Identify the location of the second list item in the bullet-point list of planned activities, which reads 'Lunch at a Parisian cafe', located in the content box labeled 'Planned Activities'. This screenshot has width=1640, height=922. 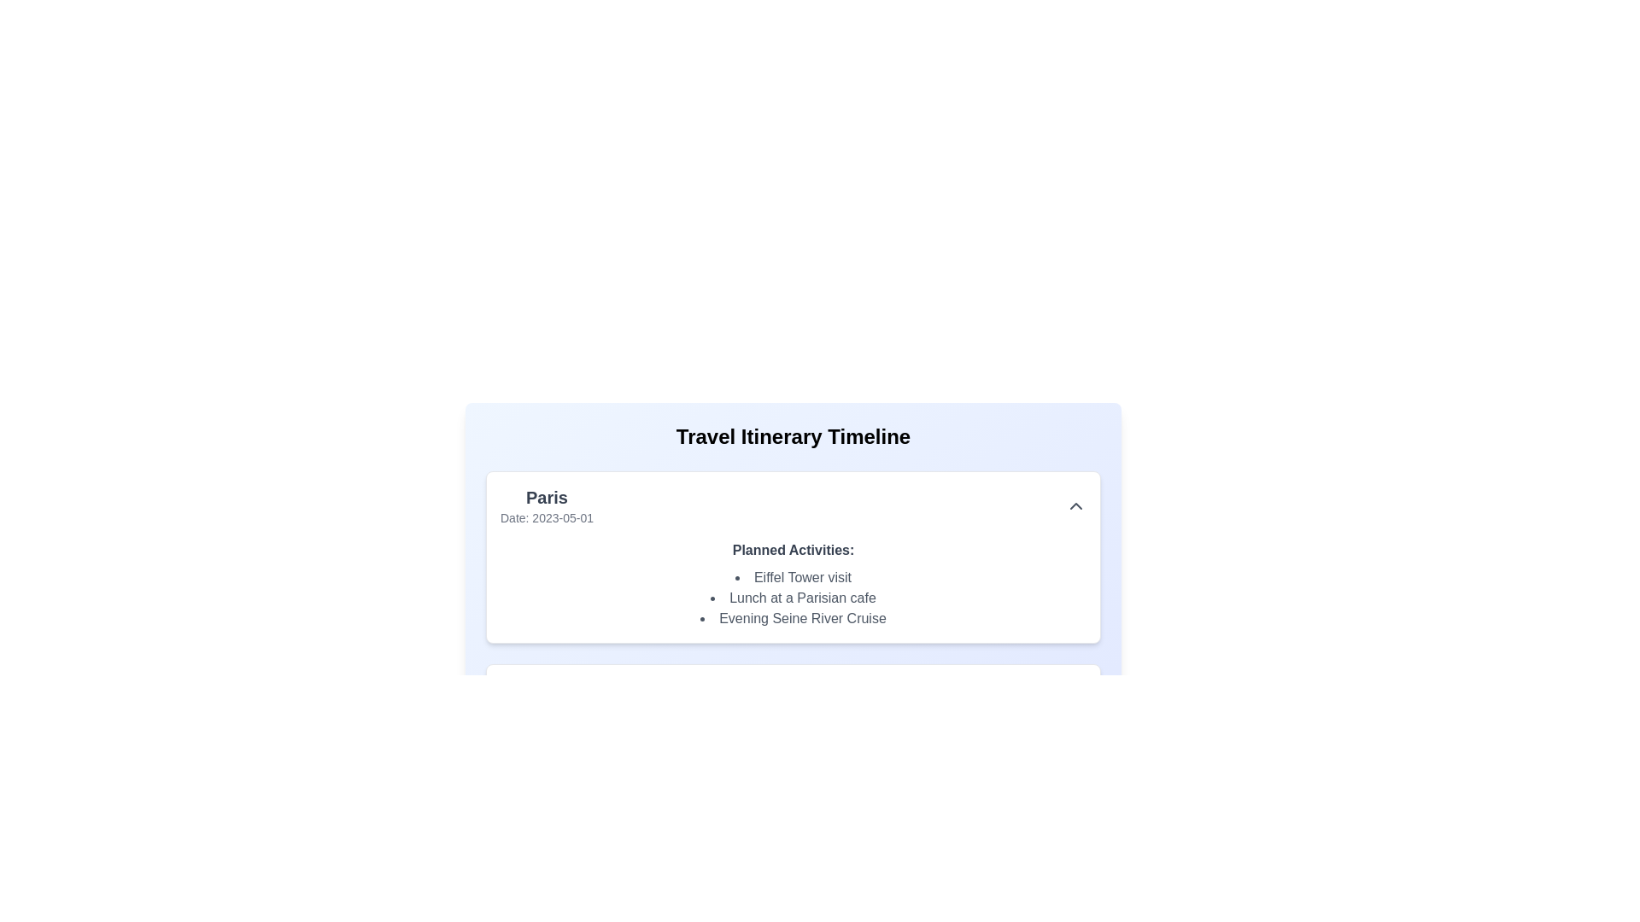
(793, 598).